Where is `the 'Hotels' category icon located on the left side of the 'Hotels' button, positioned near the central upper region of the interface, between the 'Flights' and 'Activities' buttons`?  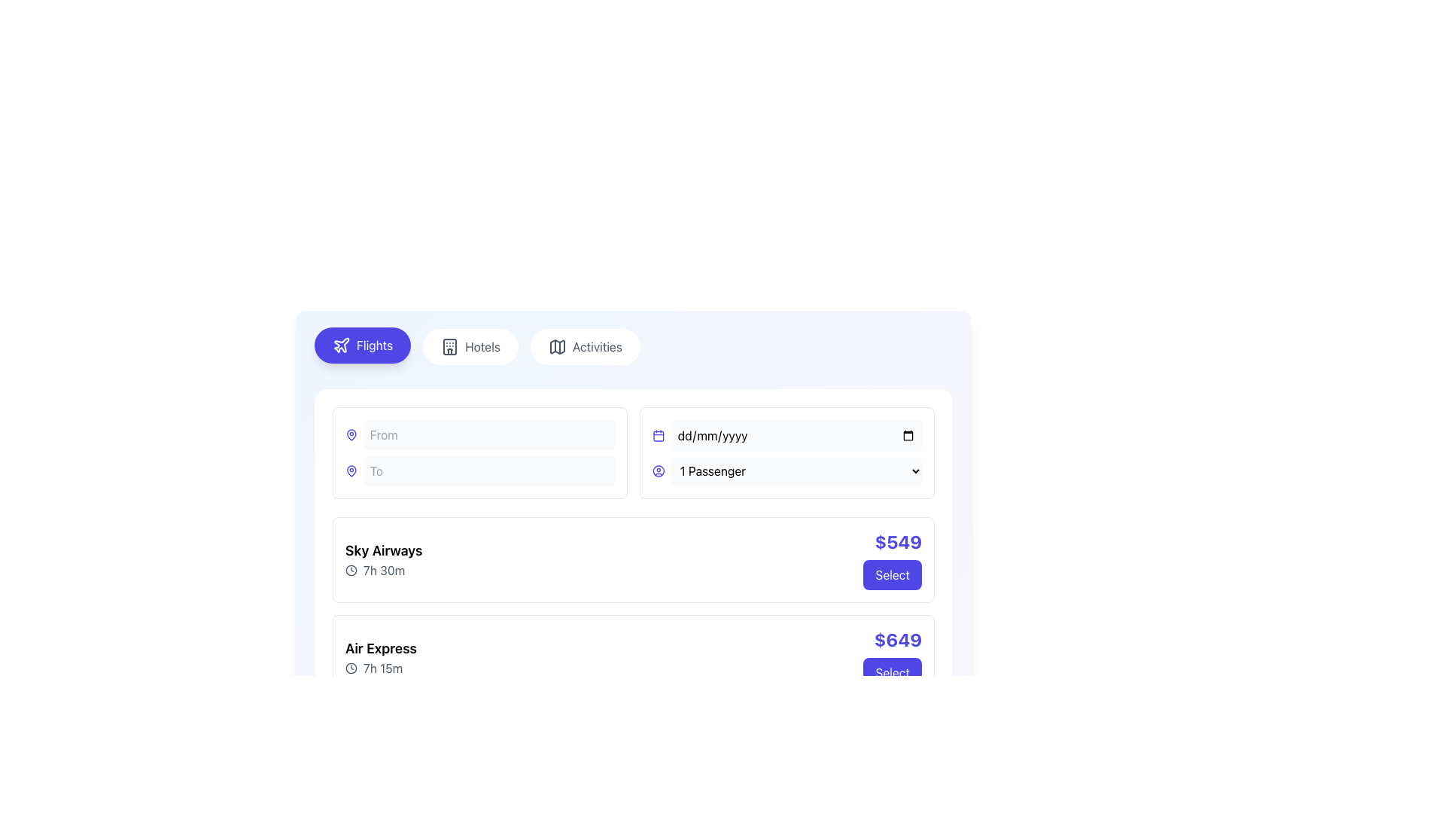 the 'Hotels' category icon located on the left side of the 'Hotels' button, positioned near the central upper region of the interface, between the 'Flights' and 'Activities' buttons is located at coordinates (449, 347).